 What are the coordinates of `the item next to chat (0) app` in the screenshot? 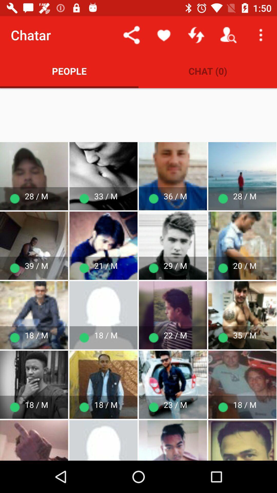 It's located at (69, 71).